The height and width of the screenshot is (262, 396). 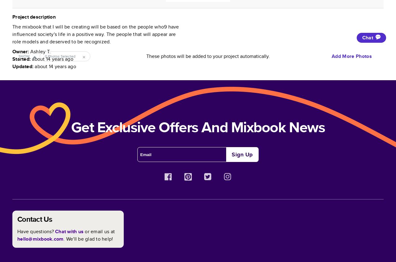 What do you see at coordinates (100, 231) in the screenshot?
I see `'or email us at'` at bounding box center [100, 231].